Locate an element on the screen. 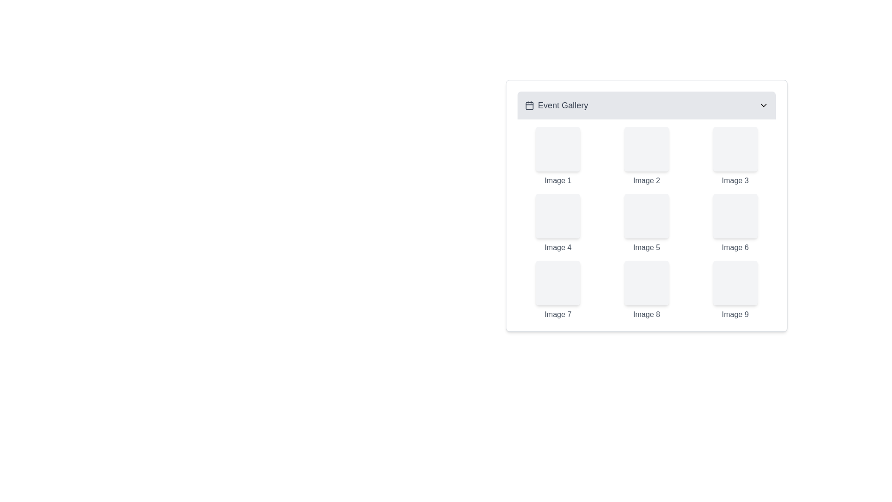  the square-shaped graphic placeholder with a light gray background, rounded corners, and shadow effect located in the second column of the first row of the gallery interface is located at coordinates (646, 148).